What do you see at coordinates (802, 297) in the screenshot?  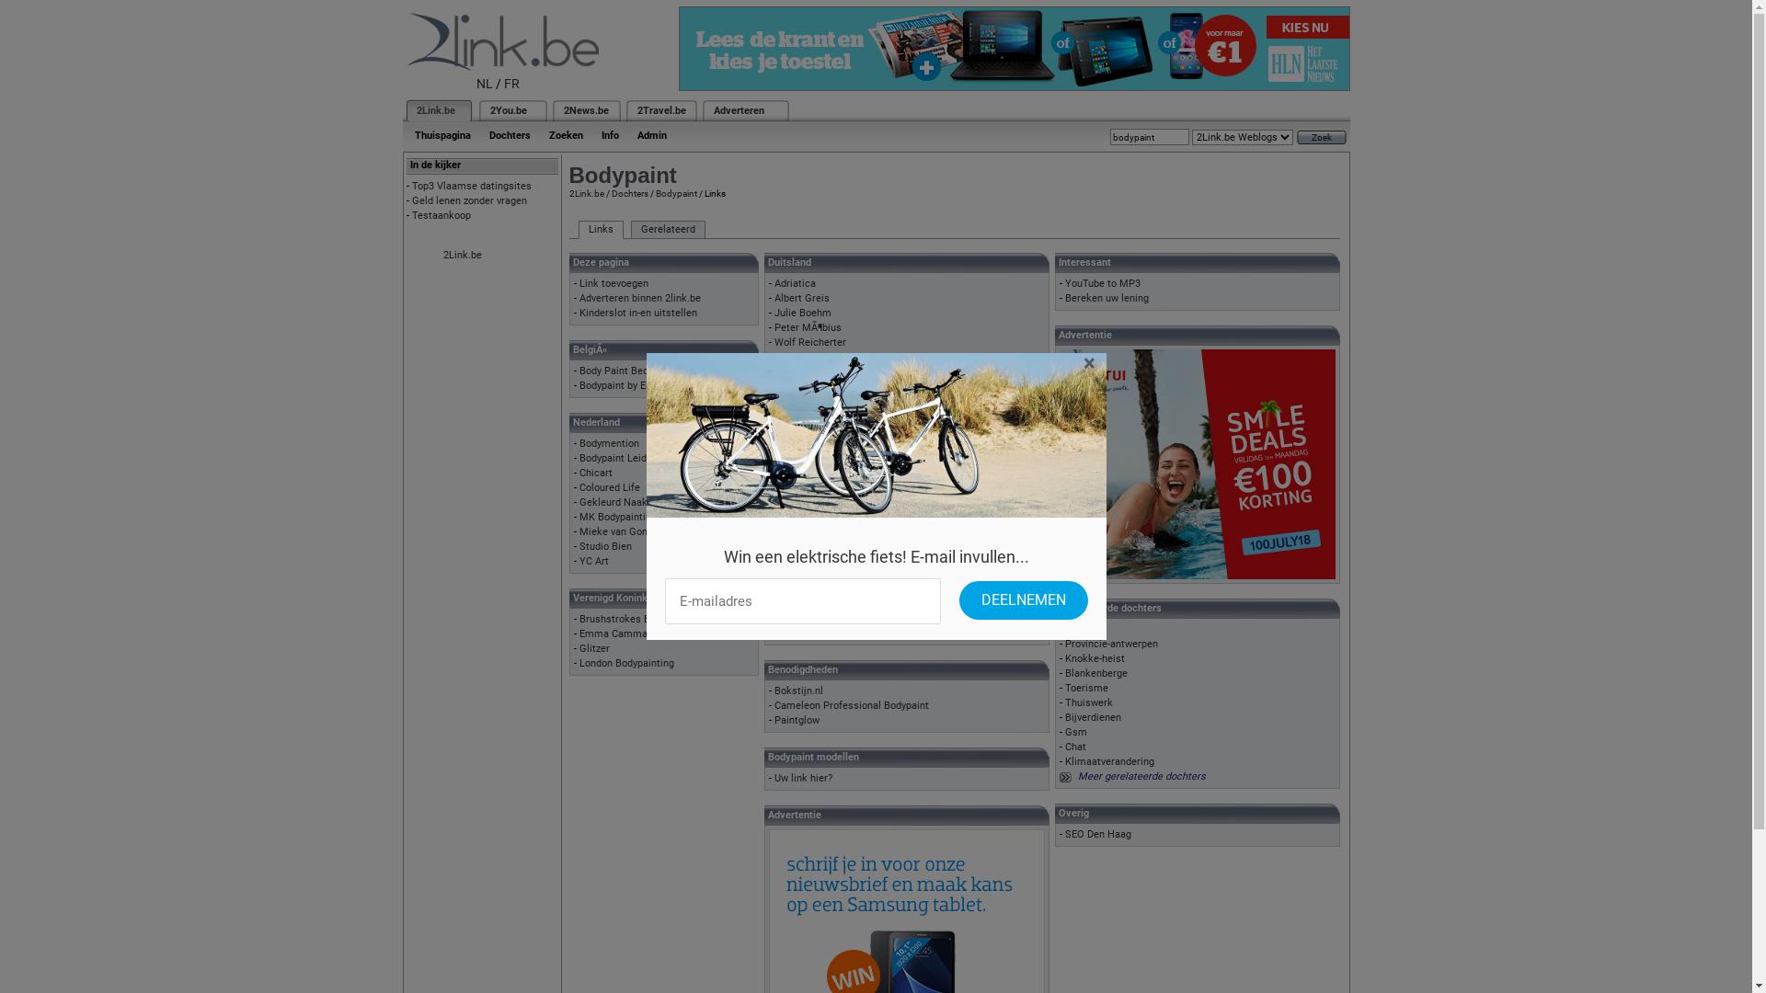 I see `'Albert Greis'` at bounding box center [802, 297].